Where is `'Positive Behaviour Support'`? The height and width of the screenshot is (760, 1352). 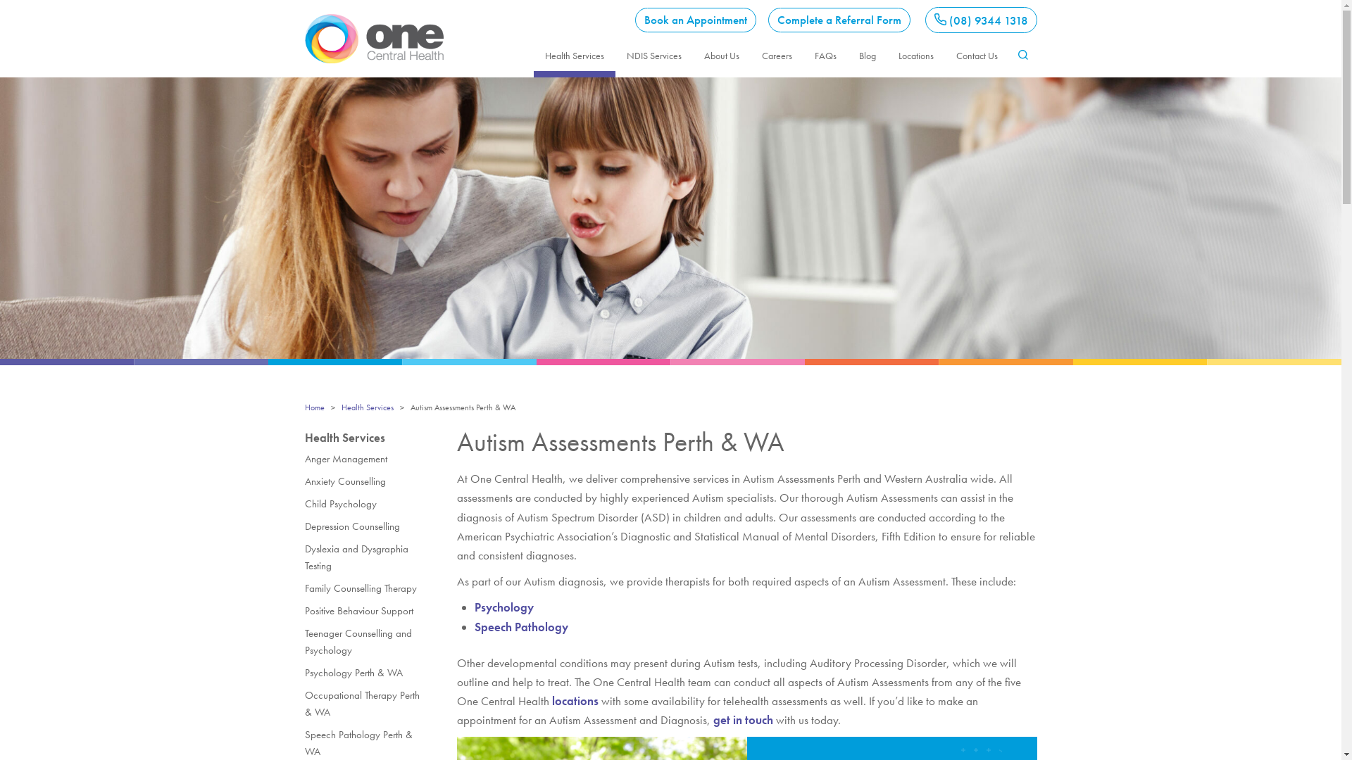 'Positive Behaviour Support' is located at coordinates (365, 609).